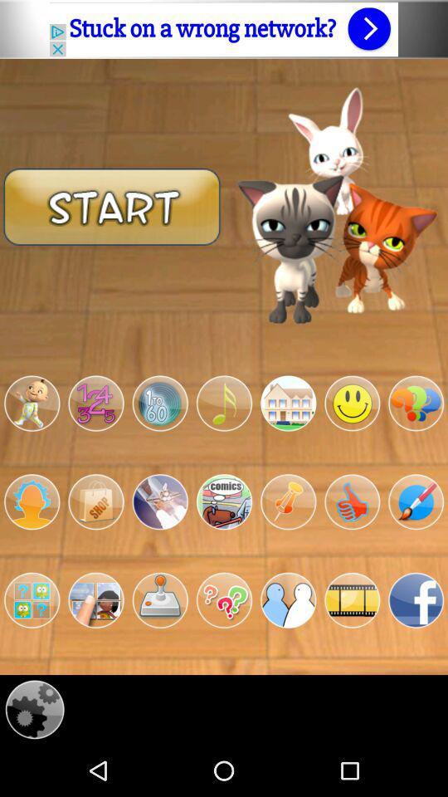 Image resolution: width=448 pixels, height=797 pixels. What do you see at coordinates (32, 599) in the screenshot?
I see `start game` at bounding box center [32, 599].